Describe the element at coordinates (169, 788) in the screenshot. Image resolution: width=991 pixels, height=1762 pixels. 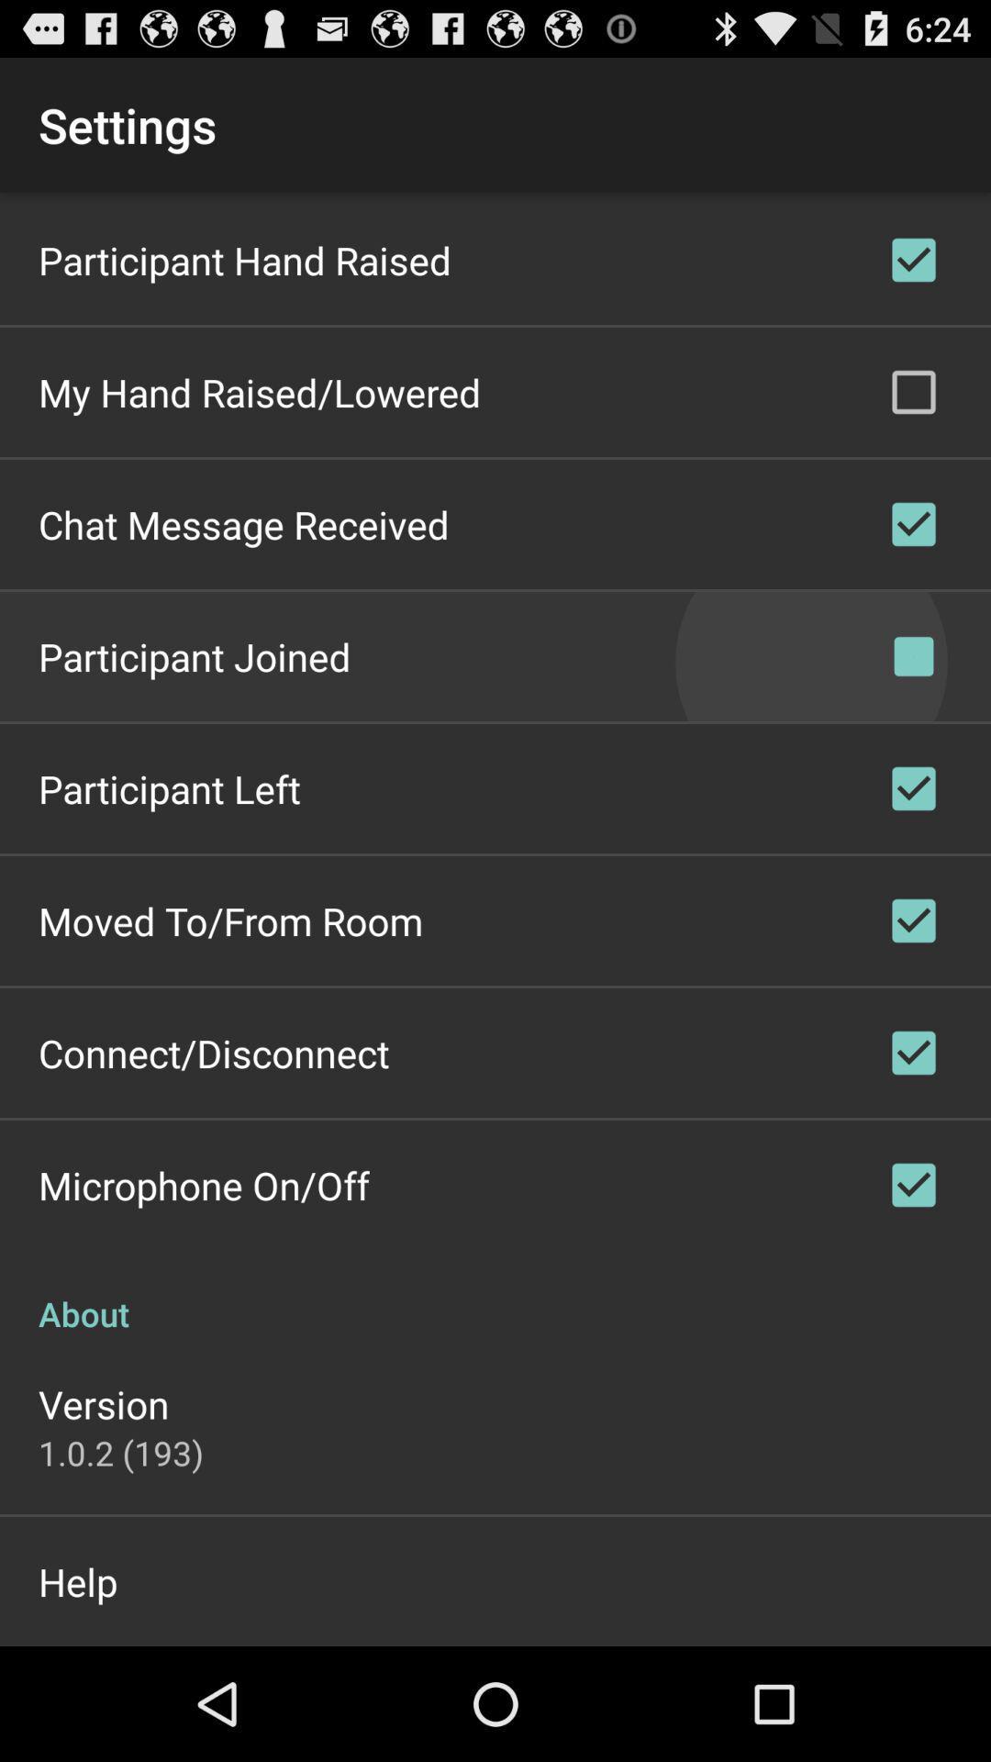
I see `app below participant joined icon` at that location.